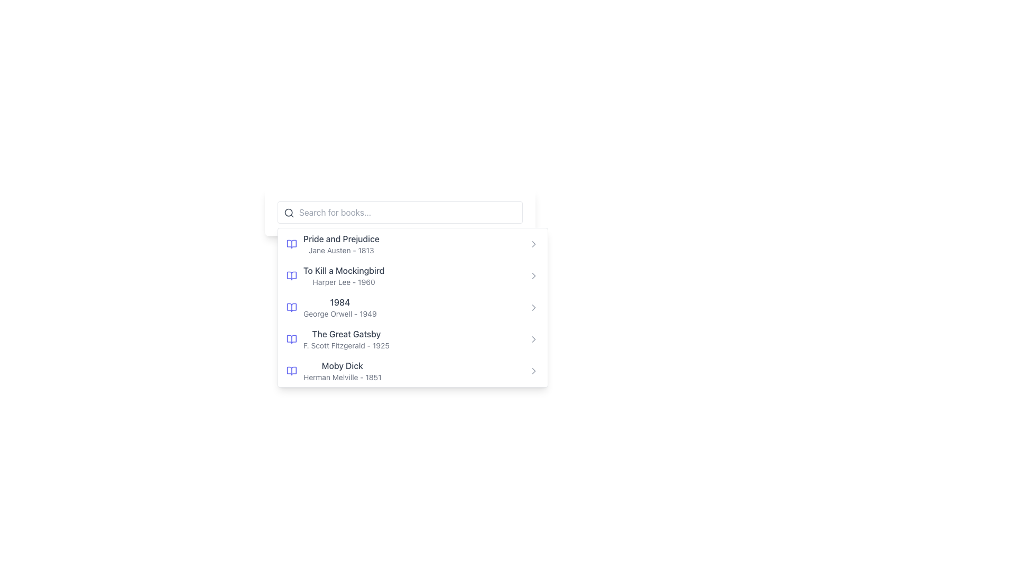  Describe the element at coordinates (340, 308) in the screenshot. I see `the book item displaying its title, author, and publication year in the dropdown panel` at that location.